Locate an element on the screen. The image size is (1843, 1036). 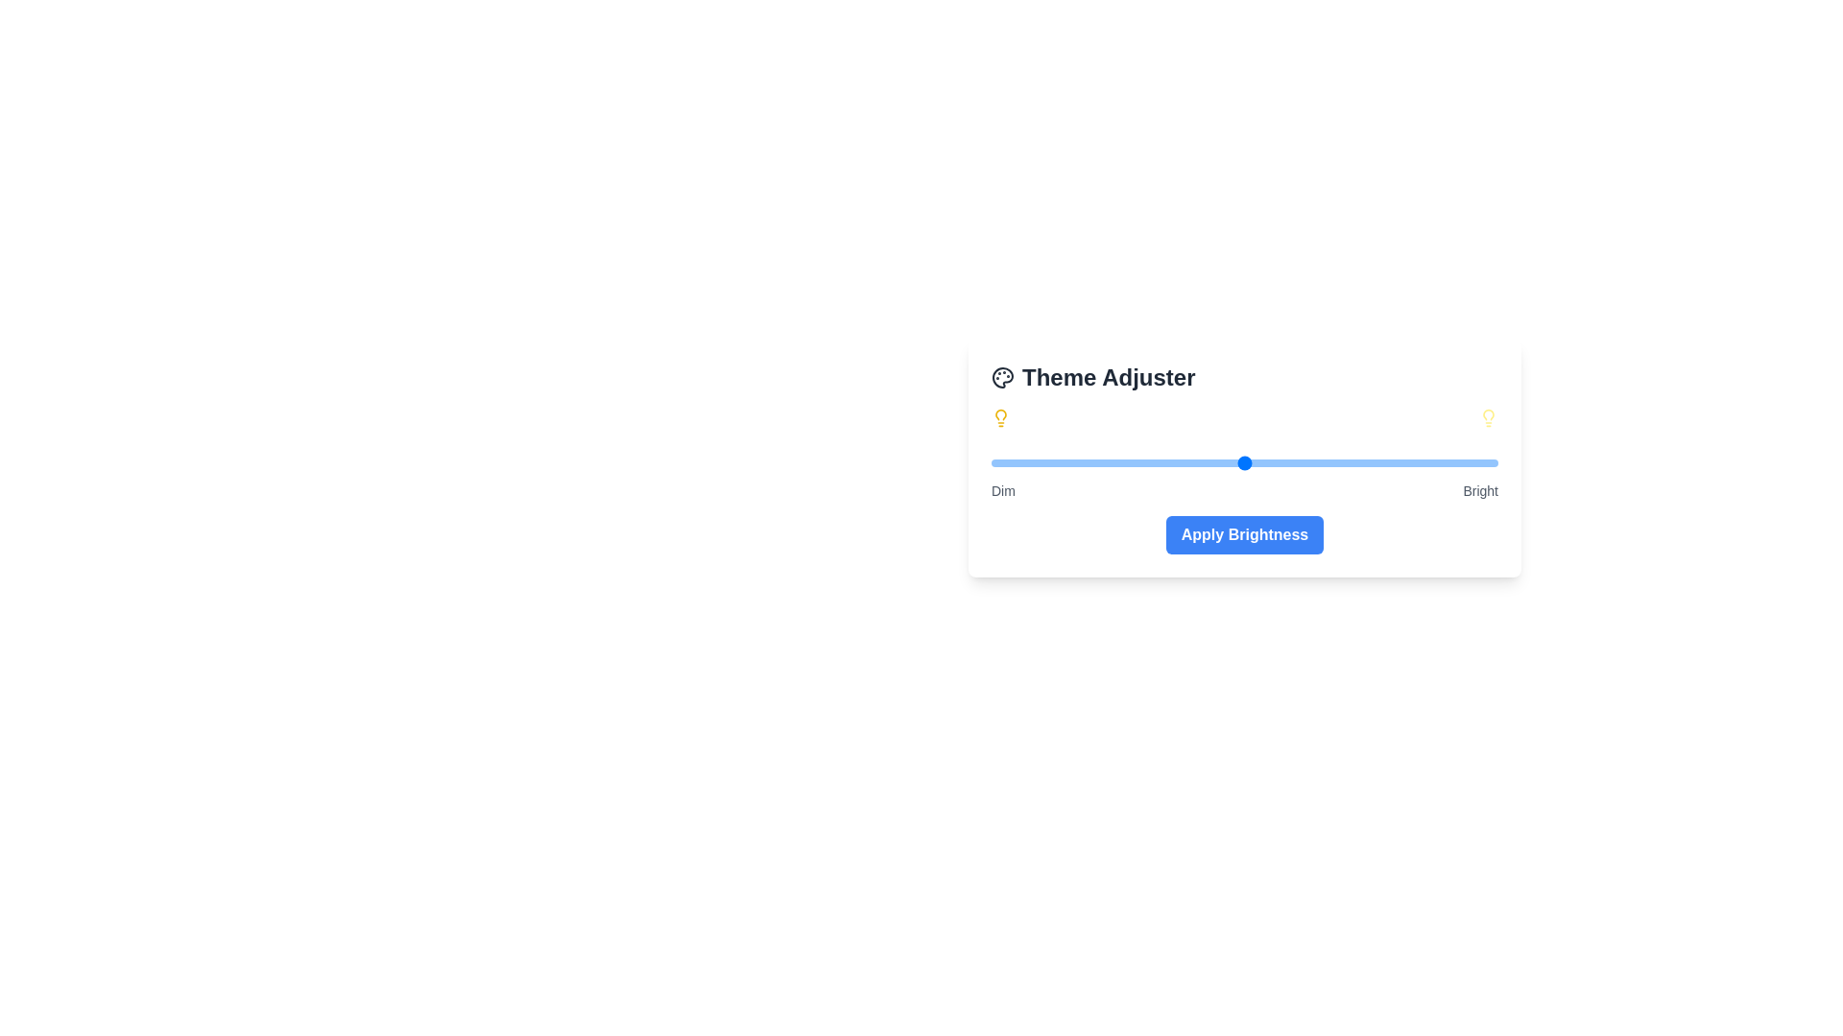
the brightness slider to a specific value 41 is located at coordinates (1198, 462).